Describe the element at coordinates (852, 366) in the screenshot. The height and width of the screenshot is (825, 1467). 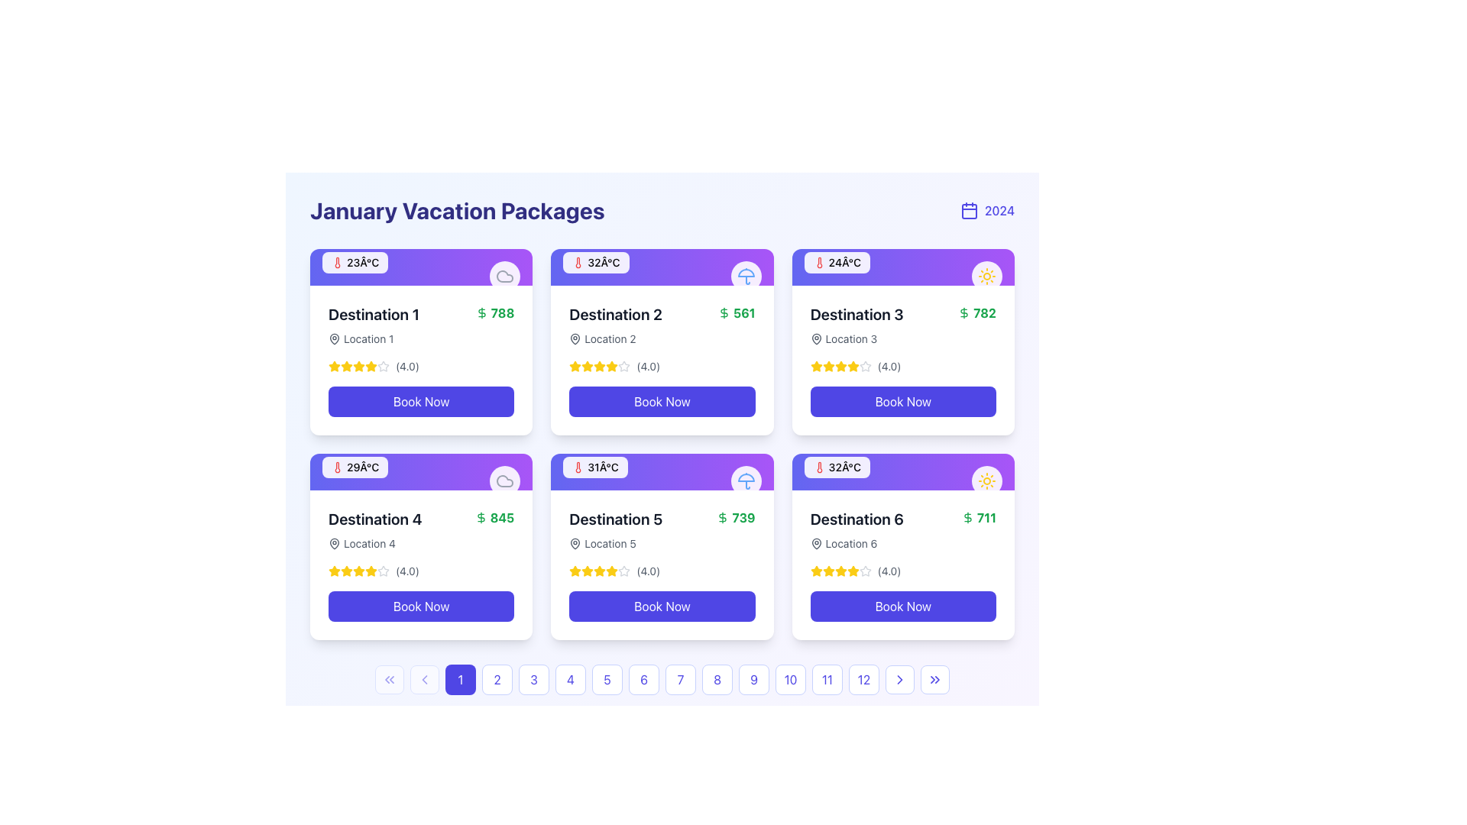
I see `the fifth yellow star icon in the rating system, located below the title 'Destination 3'` at that location.